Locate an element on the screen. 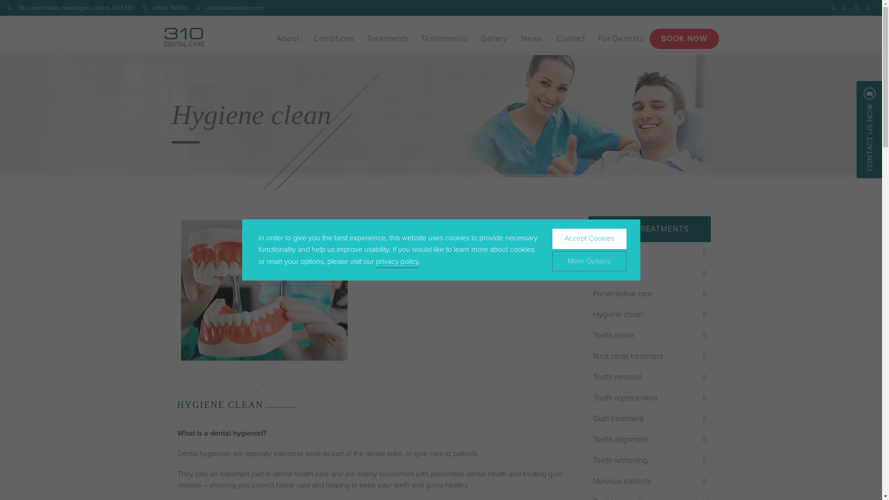  'Contact' is located at coordinates (570, 41).